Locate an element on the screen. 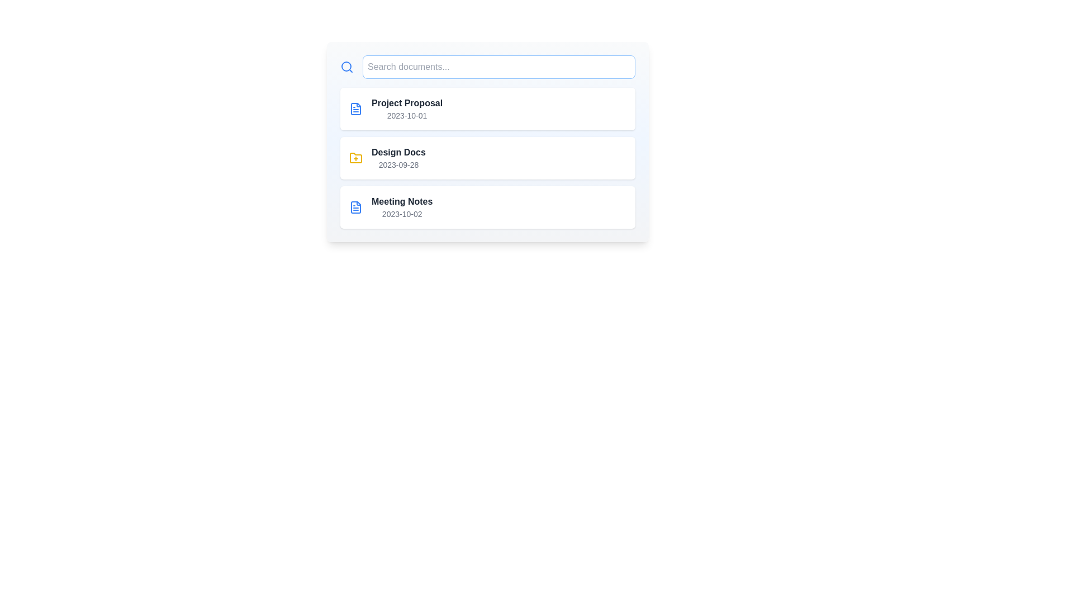 This screenshot has width=1073, height=604. the document item identified by Meeting Notes is located at coordinates (488, 207).